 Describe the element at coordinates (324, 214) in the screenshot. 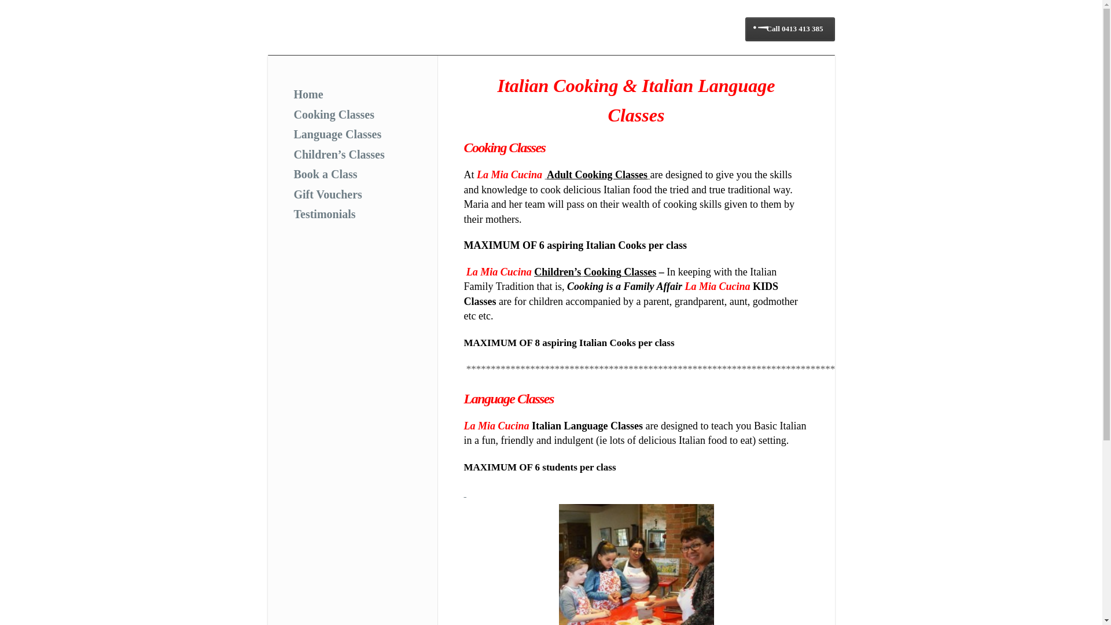

I see `'Testimonials'` at that location.